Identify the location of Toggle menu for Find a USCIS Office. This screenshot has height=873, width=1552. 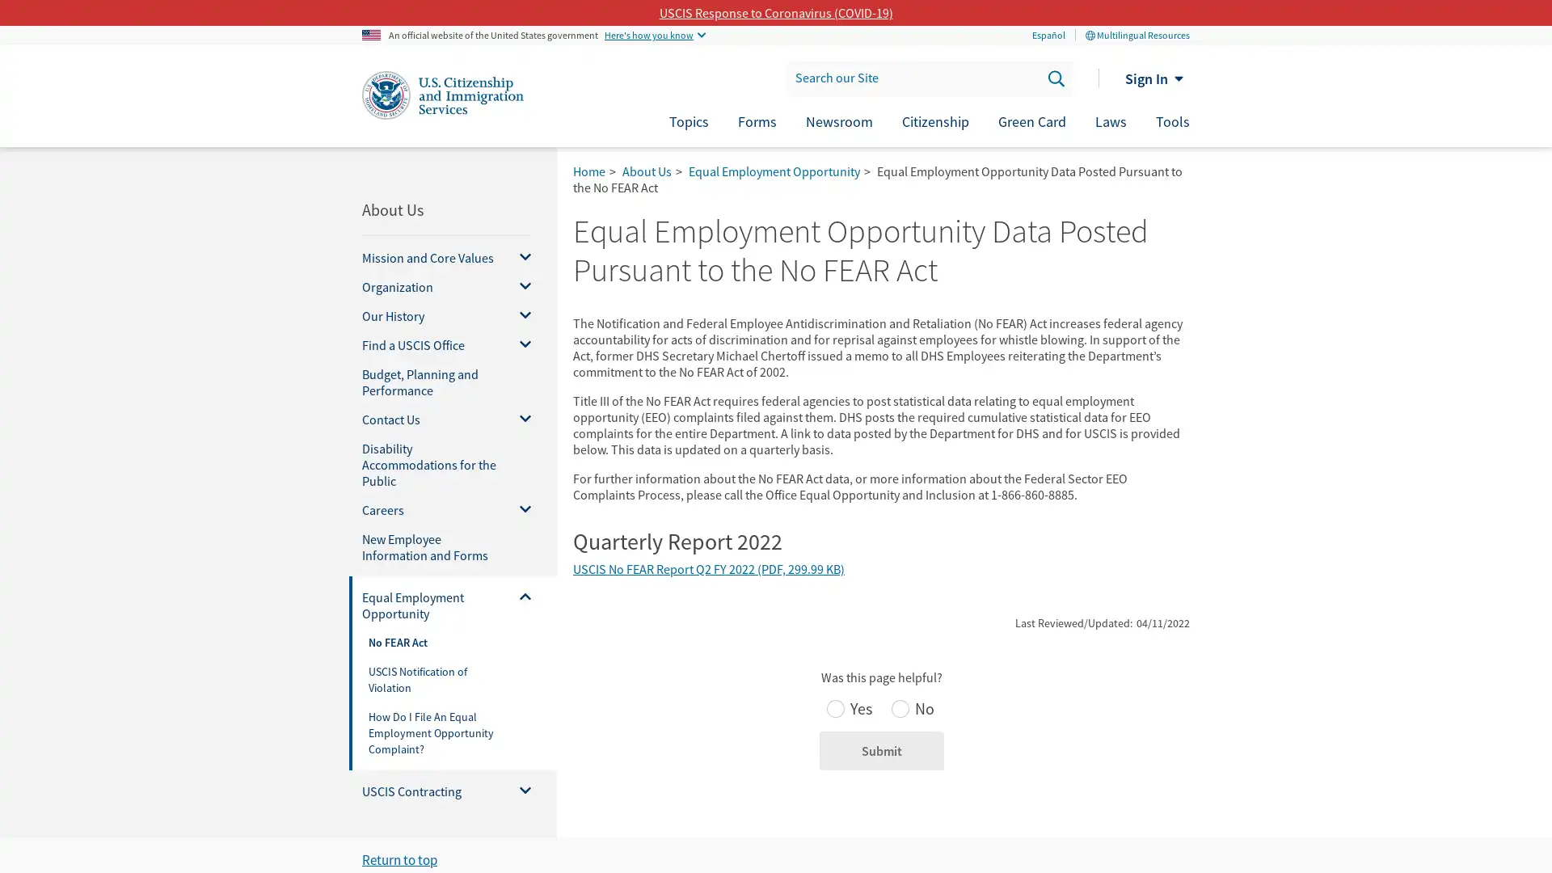
(519, 344).